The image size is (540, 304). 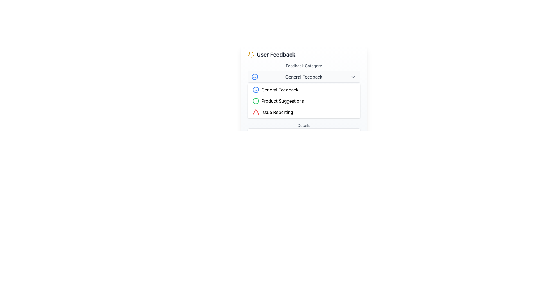 I want to click on the 'Product Suggestions' text label in the feedback category list, so click(x=283, y=100).